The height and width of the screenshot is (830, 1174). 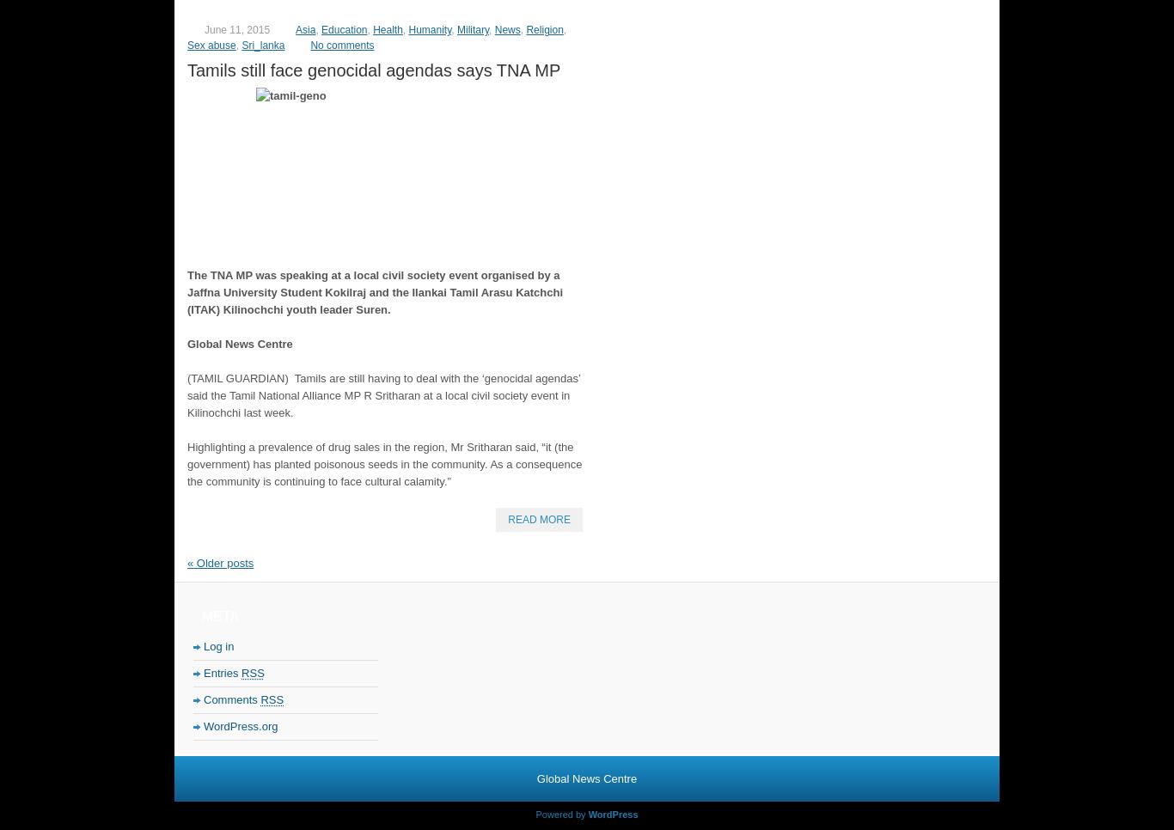 I want to click on 'Health', so click(x=387, y=28).